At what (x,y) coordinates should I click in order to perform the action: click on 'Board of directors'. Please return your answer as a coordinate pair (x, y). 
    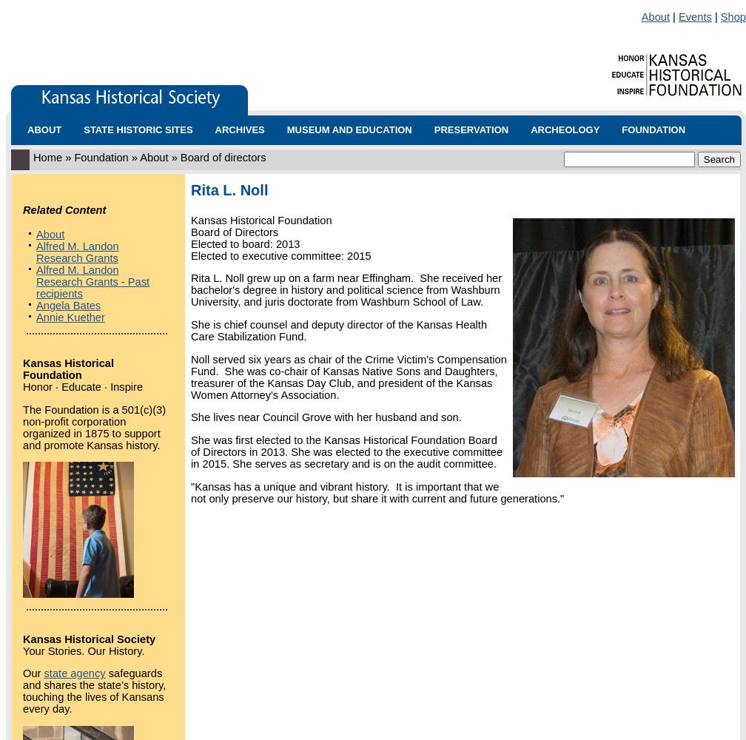
    Looking at the image, I should click on (222, 157).